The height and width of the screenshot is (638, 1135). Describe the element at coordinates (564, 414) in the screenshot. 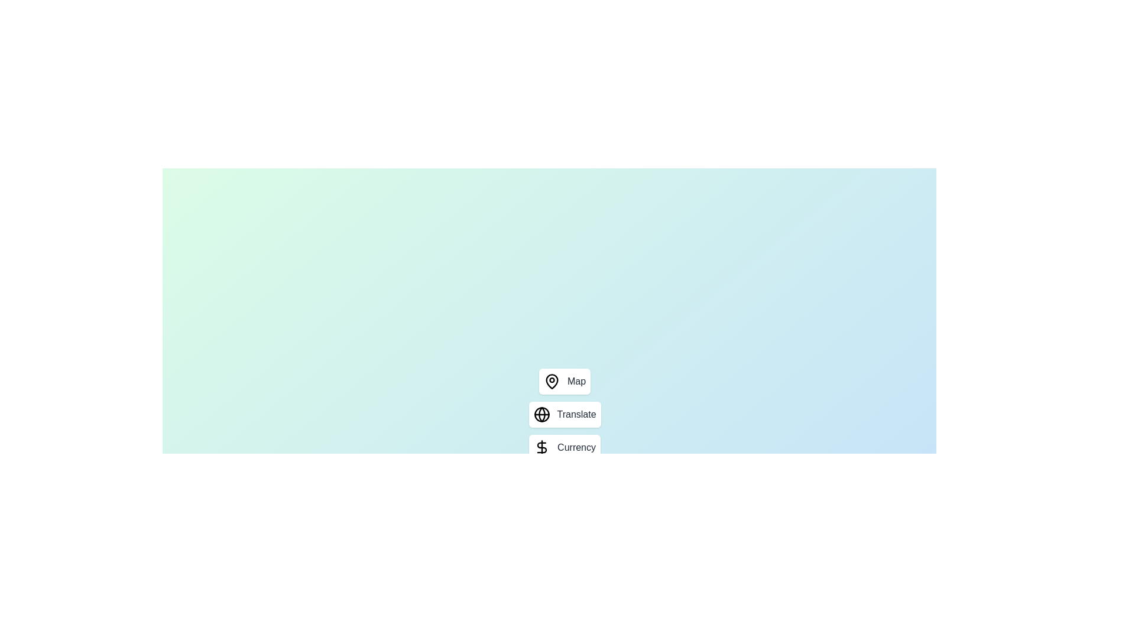

I see `the 'Translate' button to select the translation tool` at that location.